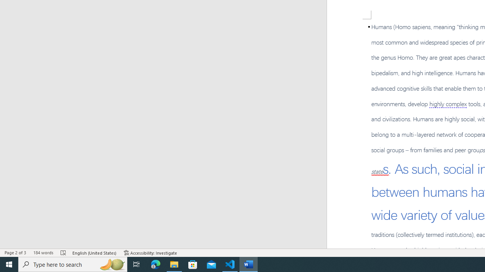  Describe the element at coordinates (15, 253) in the screenshot. I see `'Page Number Page 2 of 3'` at that location.